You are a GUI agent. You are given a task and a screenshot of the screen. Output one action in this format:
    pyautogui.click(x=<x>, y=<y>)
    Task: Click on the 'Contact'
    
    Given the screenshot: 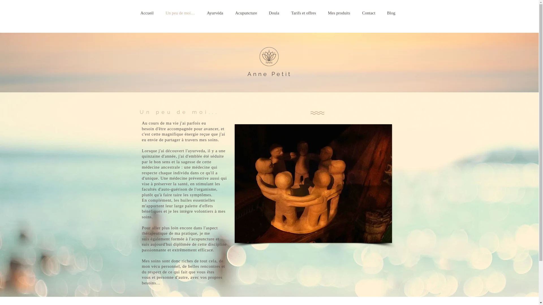 What is the action you would take?
    pyautogui.click(x=372, y=13)
    